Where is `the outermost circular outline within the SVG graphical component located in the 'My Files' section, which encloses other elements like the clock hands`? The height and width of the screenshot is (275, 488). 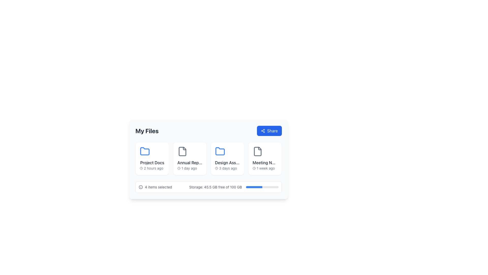 the outermost circular outline within the SVG graphical component located in the 'My Files' section, which encloses other elements like the clock hands is located at coordinates (141, 168).